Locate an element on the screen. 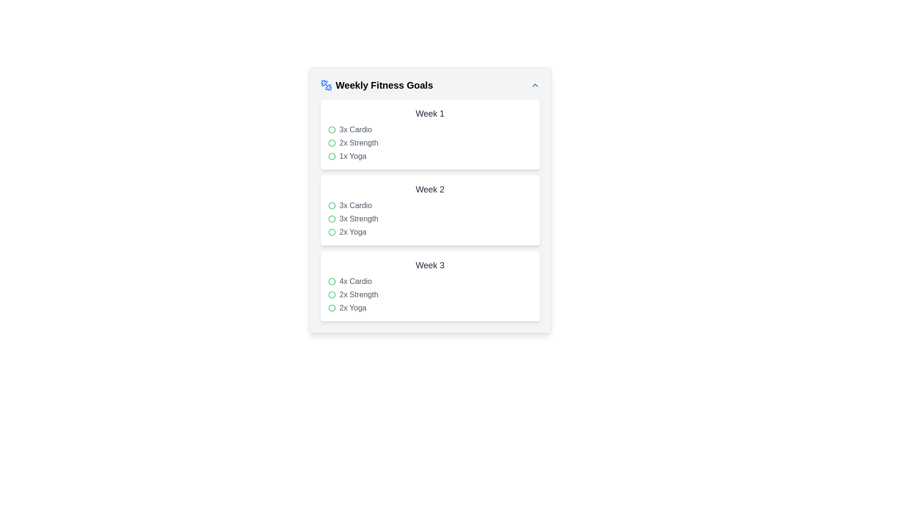 The width and height of the screenshot is (911, 512). the circular indicator with a green stroke located next to the '2x Strength' entry under 'Week 1' in the fitness goals list is located at coordinates (332, 143).